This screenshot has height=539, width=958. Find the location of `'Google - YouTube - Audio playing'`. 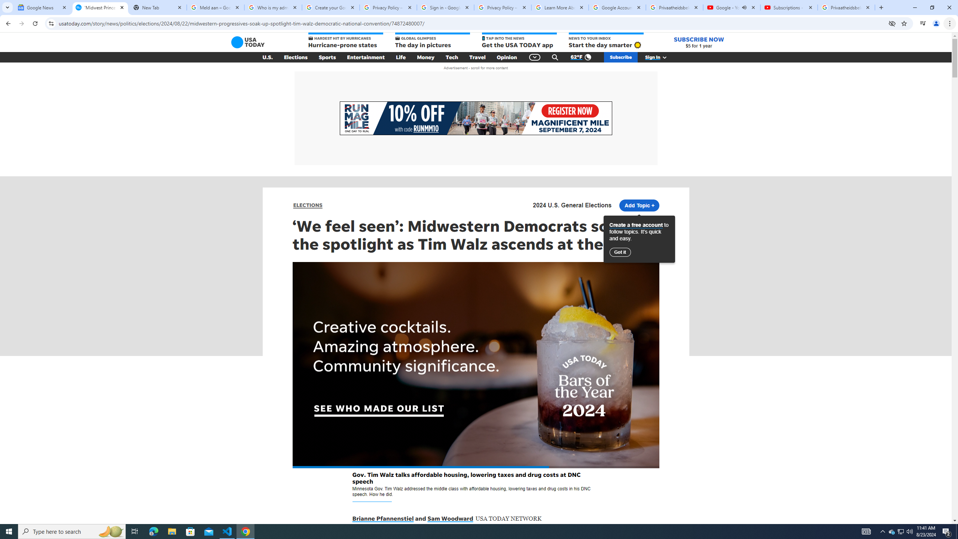

'Google - YouTube - Audio playing' is located at coordinates (731, 7).